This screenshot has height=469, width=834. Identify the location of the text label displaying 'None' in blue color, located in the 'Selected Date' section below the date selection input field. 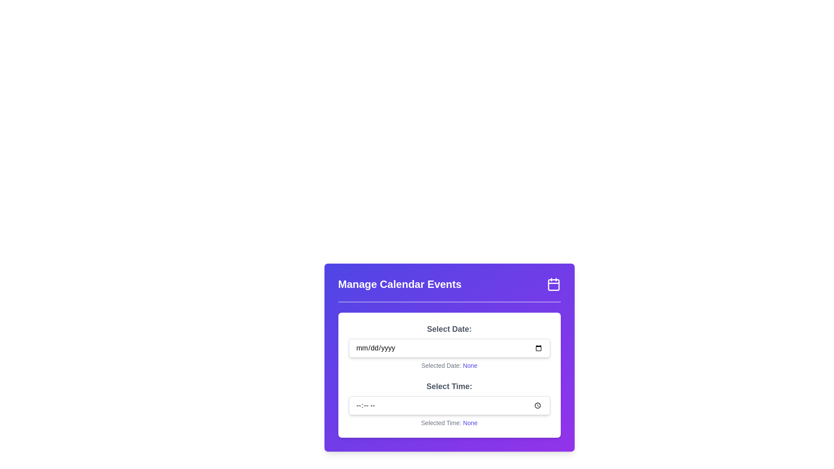
(470, 365).